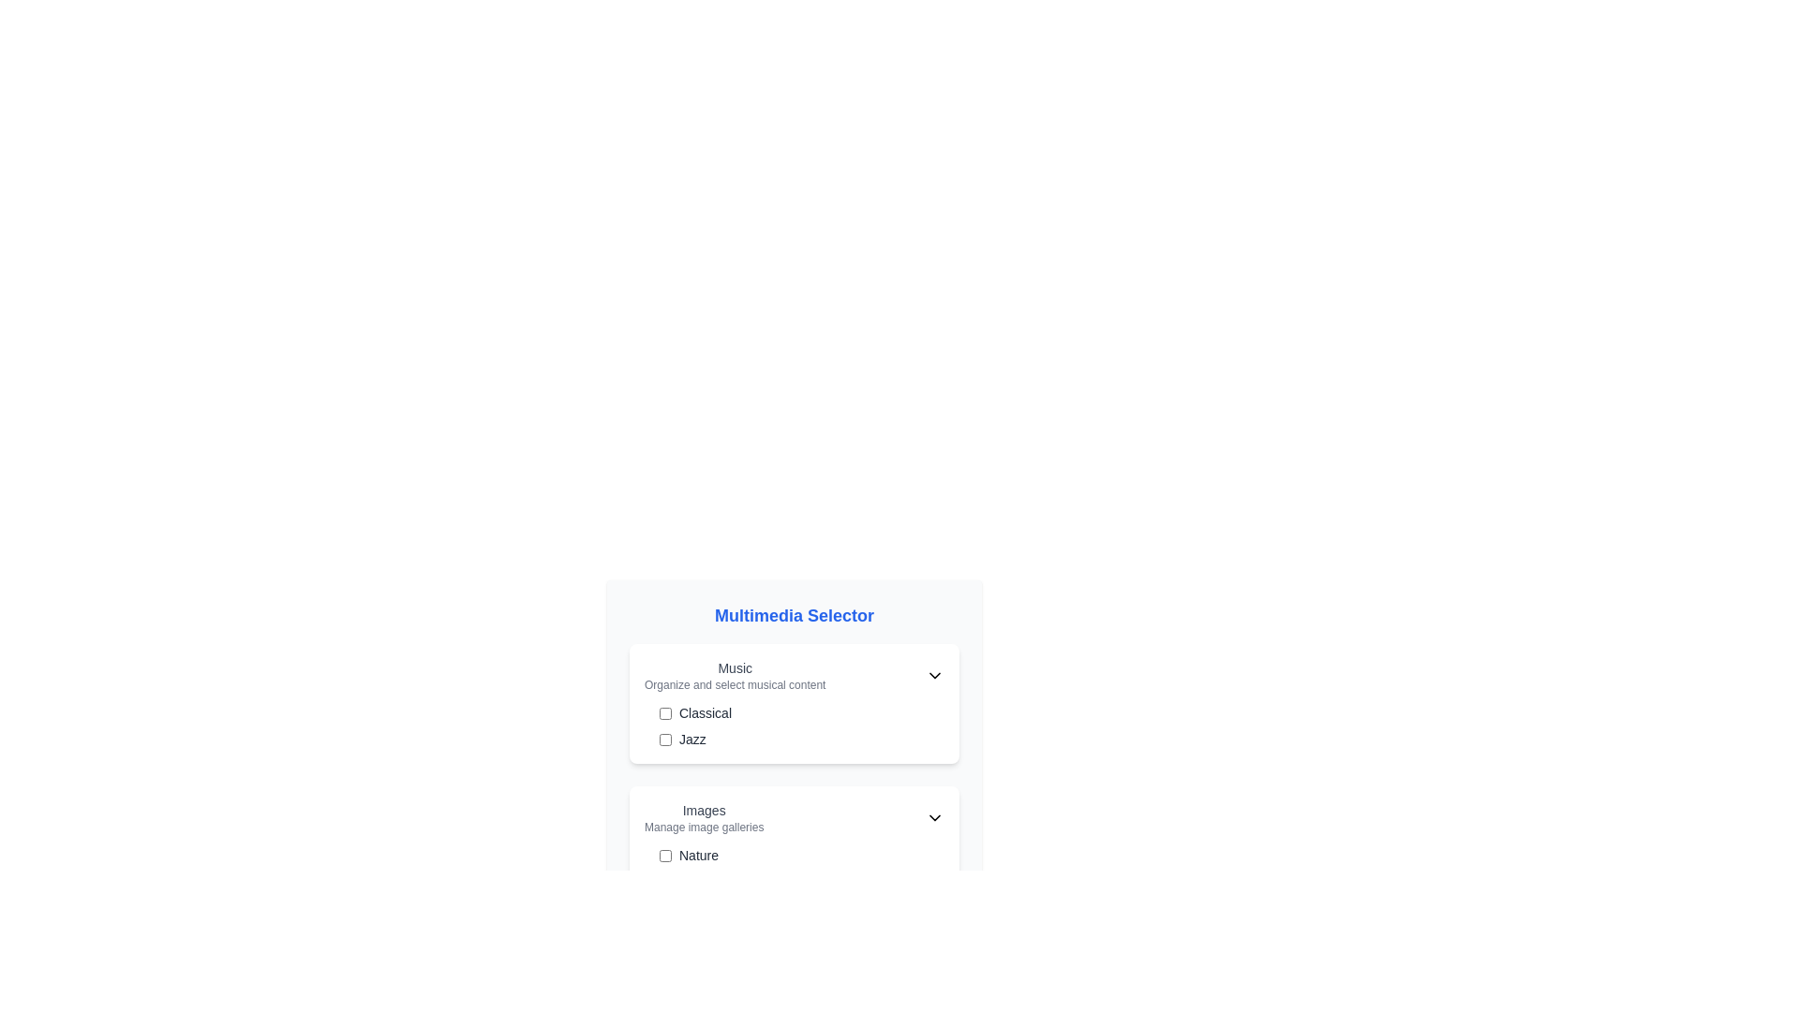 This screenshot has height=1011, width=1799. Describe the element at coordinates (795, 869) in the screenshot. I see `the 'Nature' category checkbox located in the 'Images' panel of the 'Multimedia Selector' section` at that location.